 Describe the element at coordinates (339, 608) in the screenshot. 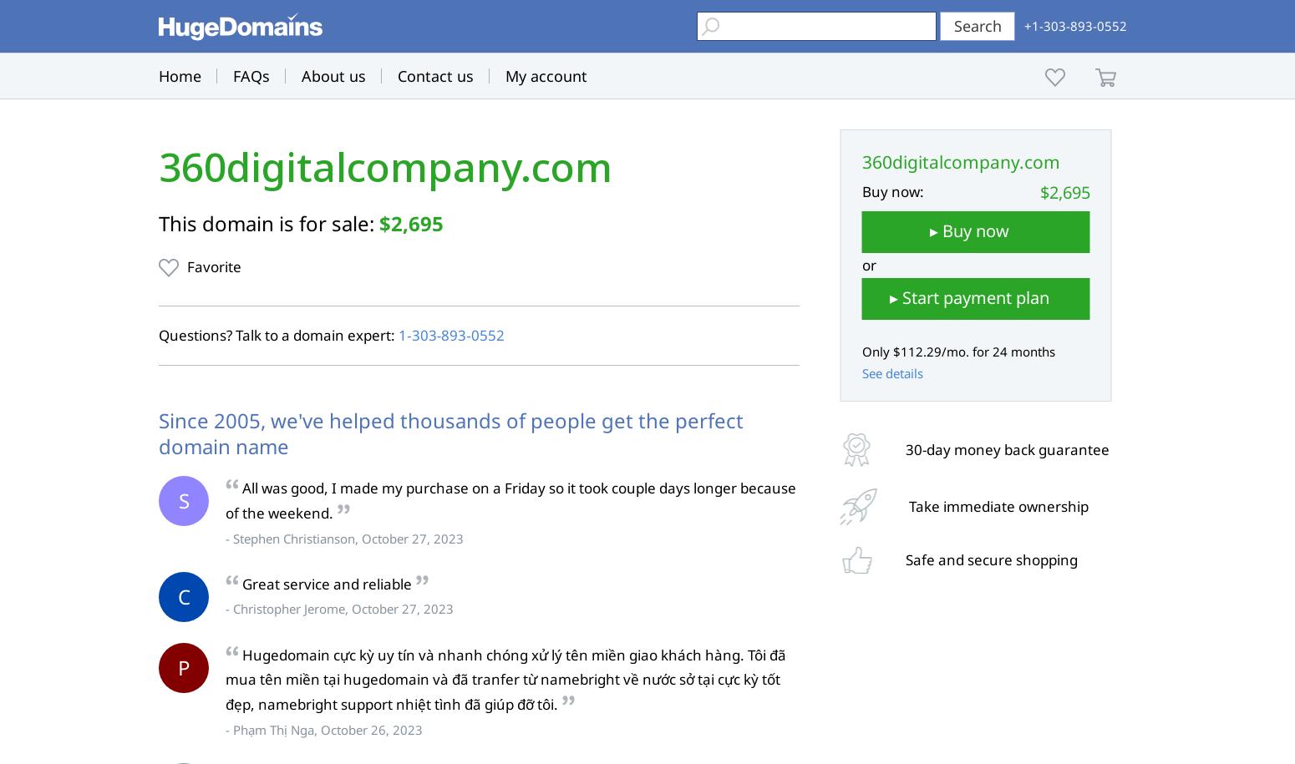

I see `'- Christopher Jerome, October 27, 2023'` at that location.